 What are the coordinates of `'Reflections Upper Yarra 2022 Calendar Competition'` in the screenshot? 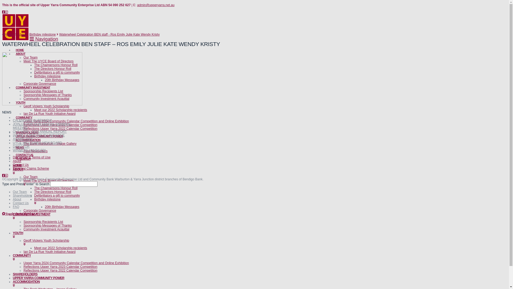 It's located at (60, 129).